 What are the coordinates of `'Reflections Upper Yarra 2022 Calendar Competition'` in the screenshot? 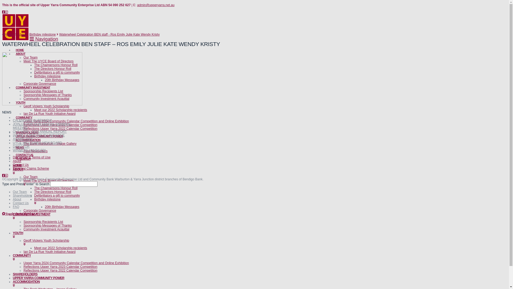 It's located at (60, 129).